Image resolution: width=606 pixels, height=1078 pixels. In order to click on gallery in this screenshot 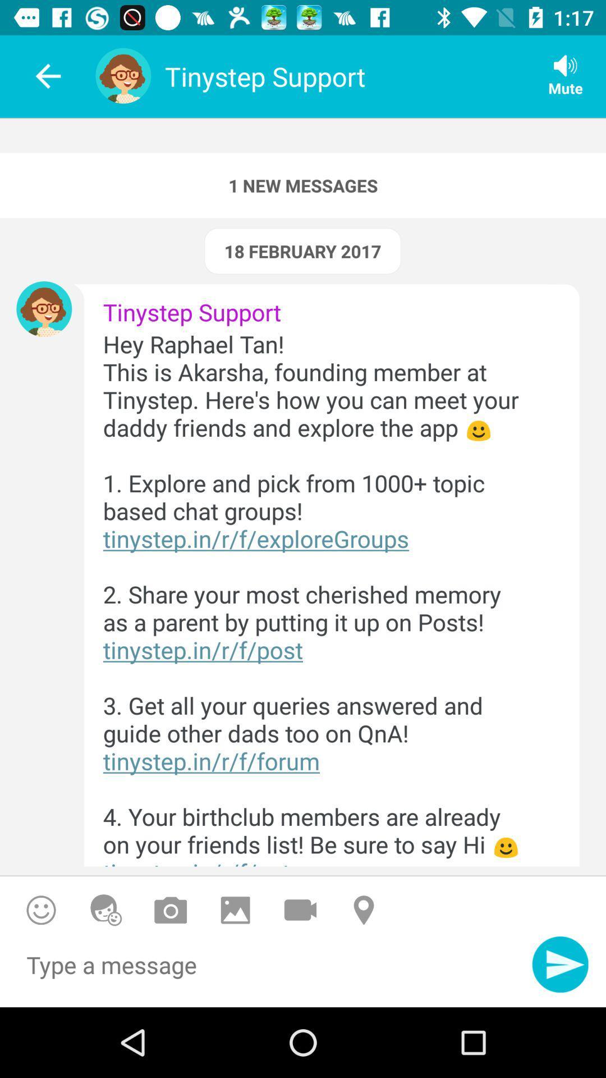, I will do `click(235, 910)`.